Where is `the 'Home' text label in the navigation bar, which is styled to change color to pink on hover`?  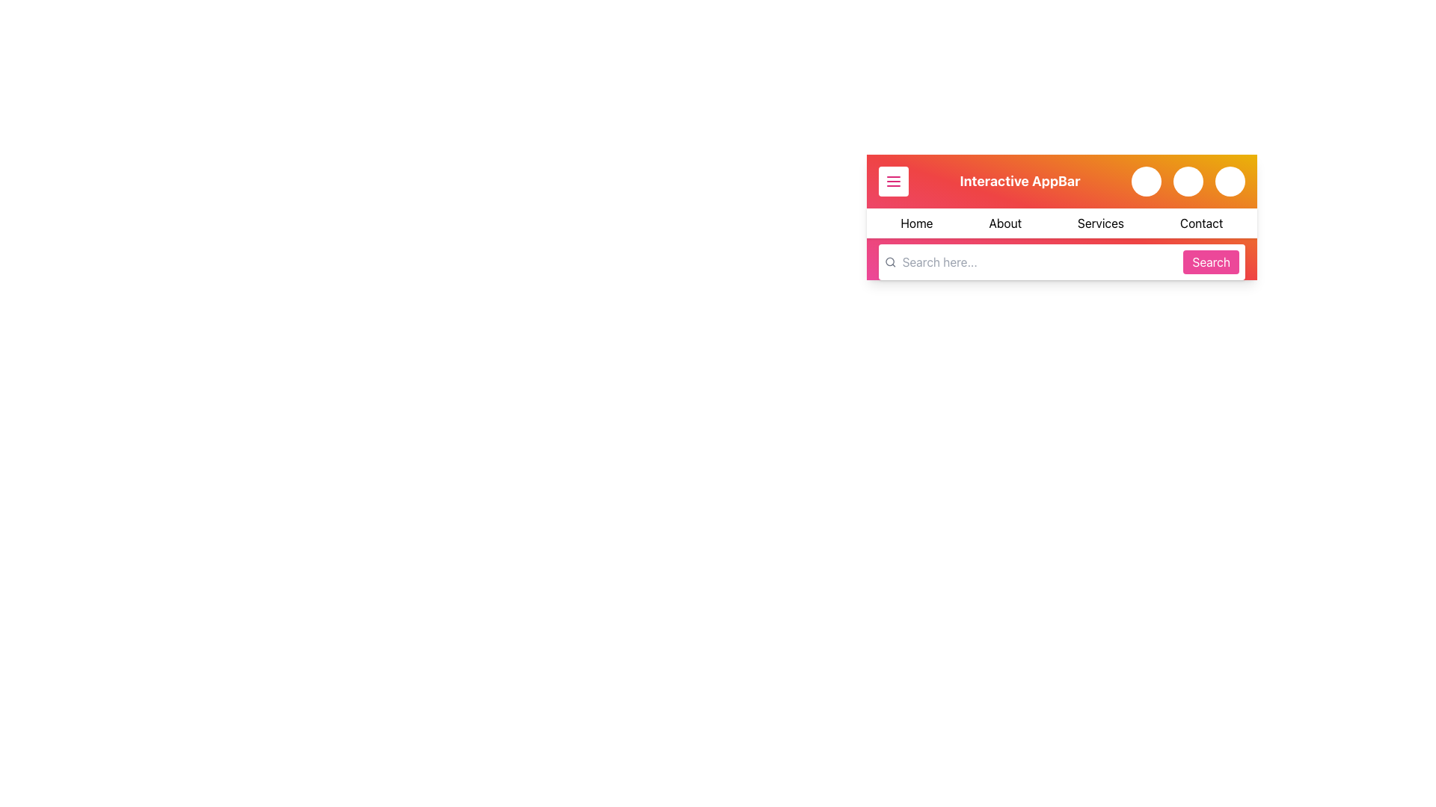
the 'Home' text label in the navigation bar, which is styled to change color to pink on hover is located at coordinates (915, 223).